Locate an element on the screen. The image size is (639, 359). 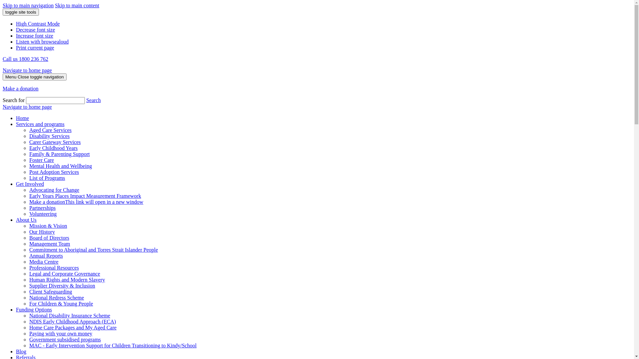
'Foster Care' is located at coordinates (41, 160).